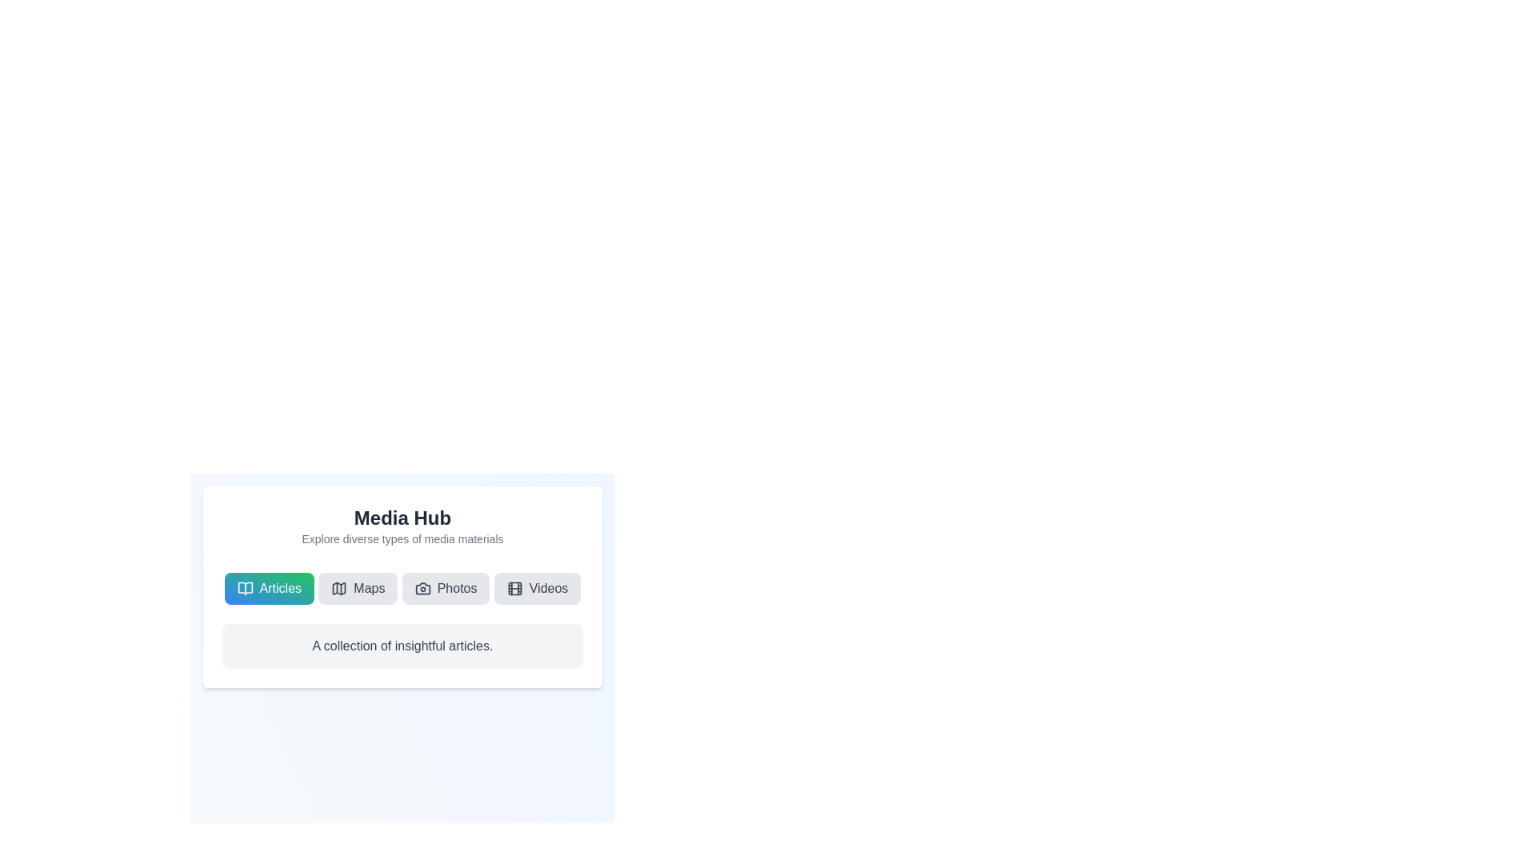  What do you see at coordinates (368, 589) in the screenshot?
I see `the label indicating the functionality` at bounding box center [368, 589].